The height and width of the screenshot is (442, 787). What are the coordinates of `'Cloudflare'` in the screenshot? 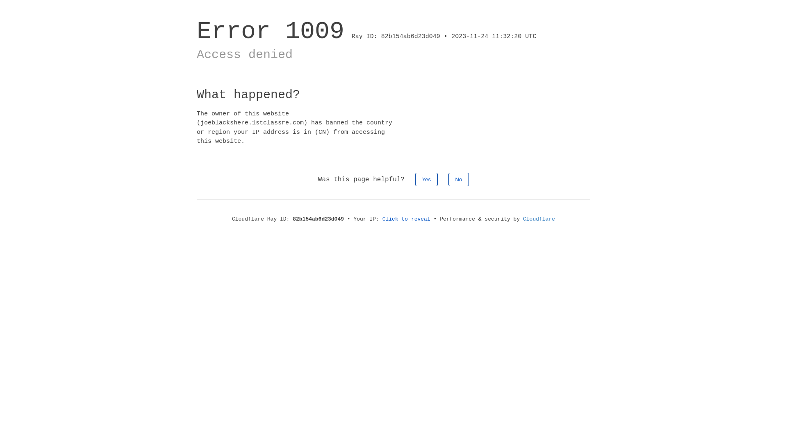 It's located at (539, 219).